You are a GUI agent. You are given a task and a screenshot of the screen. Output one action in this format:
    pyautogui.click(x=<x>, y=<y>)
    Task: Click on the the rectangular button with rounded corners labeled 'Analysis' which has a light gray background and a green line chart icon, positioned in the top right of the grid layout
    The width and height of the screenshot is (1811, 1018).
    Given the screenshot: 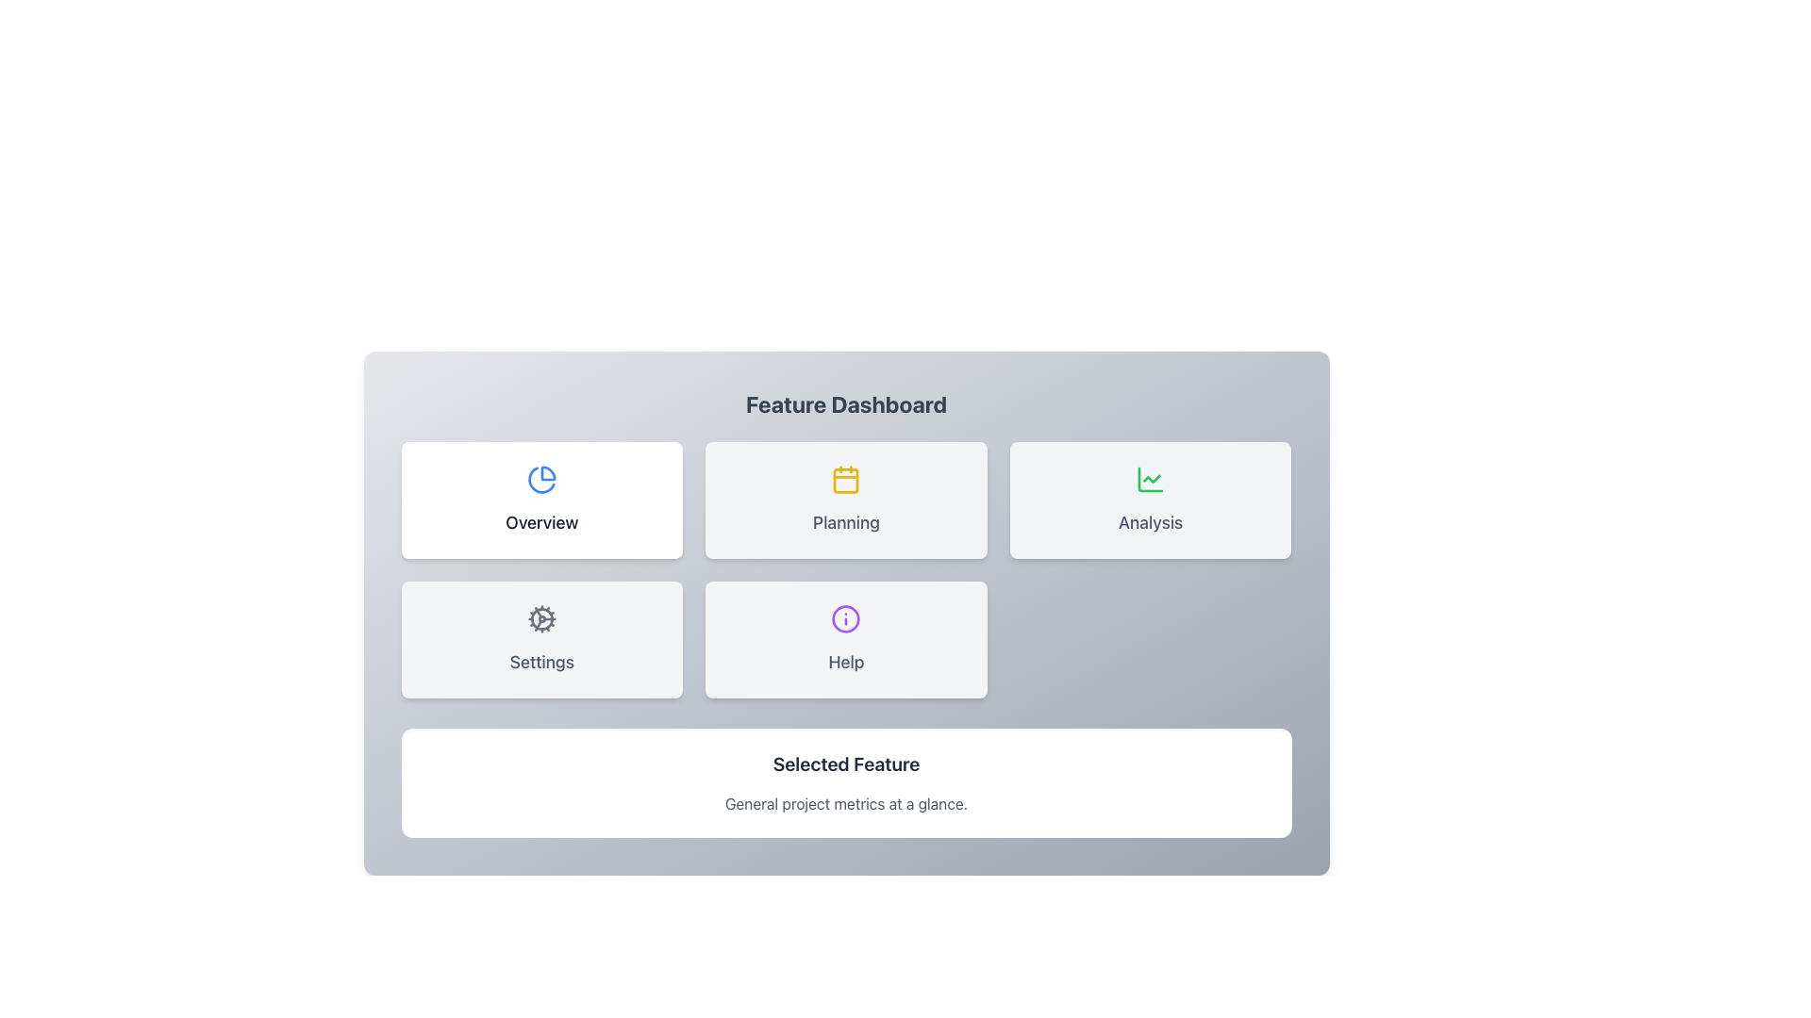 What is the action you would take?
    pyautogui.click(x=1150, y=500)
    